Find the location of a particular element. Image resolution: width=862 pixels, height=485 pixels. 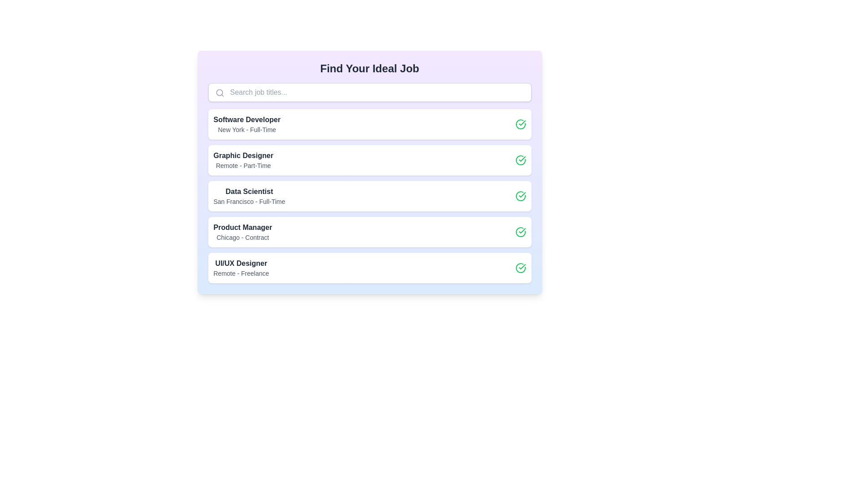

the 'Graphic Designer' text block, which is the second job posting in the list, styled with a bold font for the title and a smaller font for the details is located at coordinates (243, 160).